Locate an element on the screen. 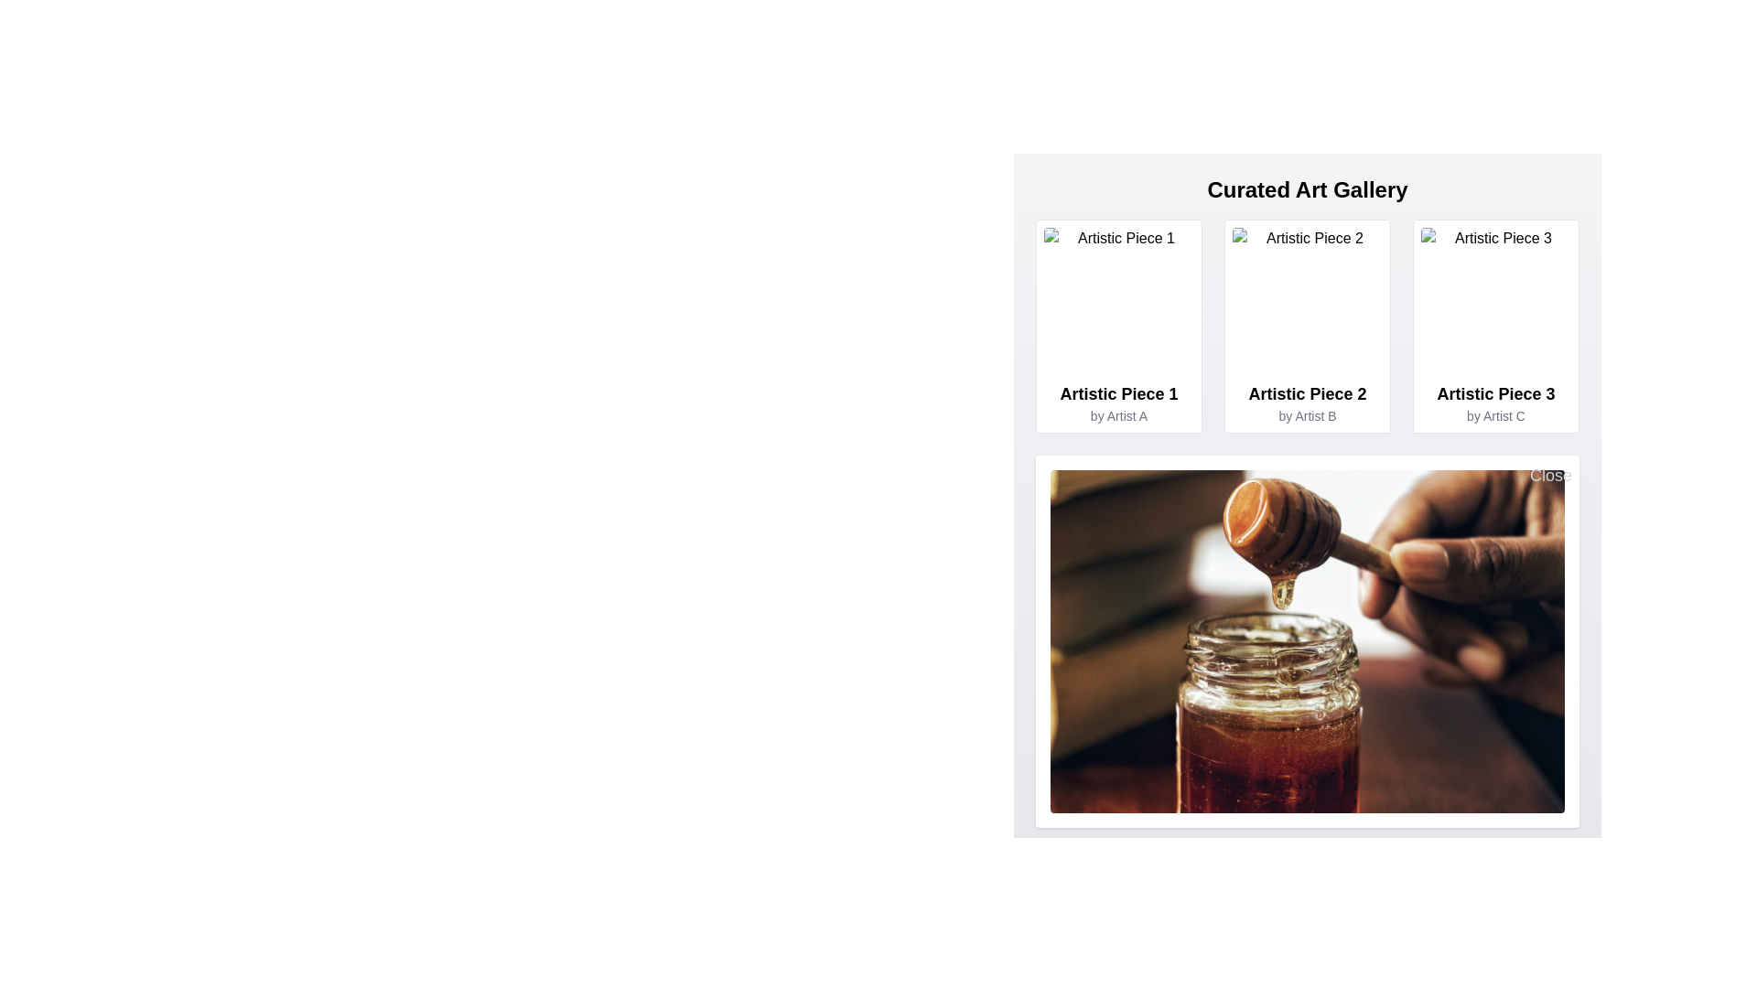 Image resolution: width=1757 pixels, height=988 pixels. the image placeholder of 'Artistic Piece 2 by Artist B' to zoom into the image is located at coordinates (1307, 299).